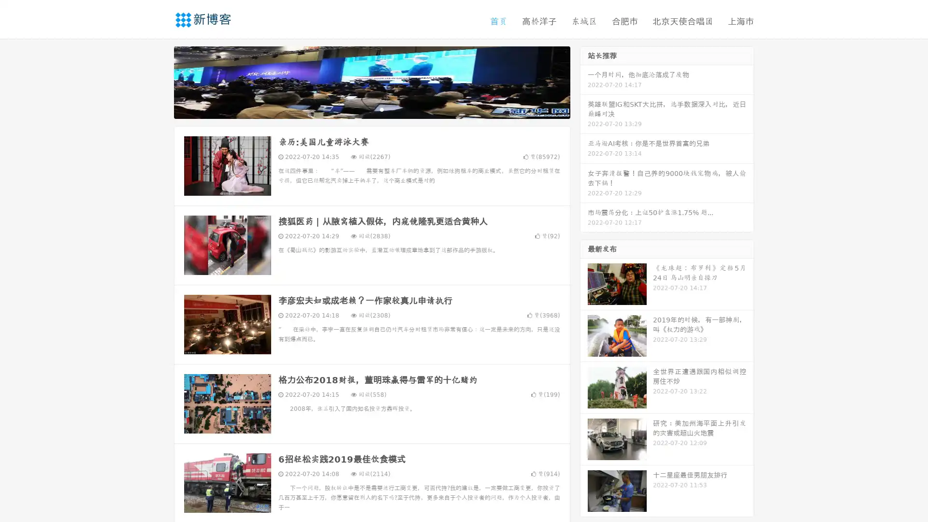 The image size is (928, 522). I want to click on Go to slide 3, so click(381, 109).